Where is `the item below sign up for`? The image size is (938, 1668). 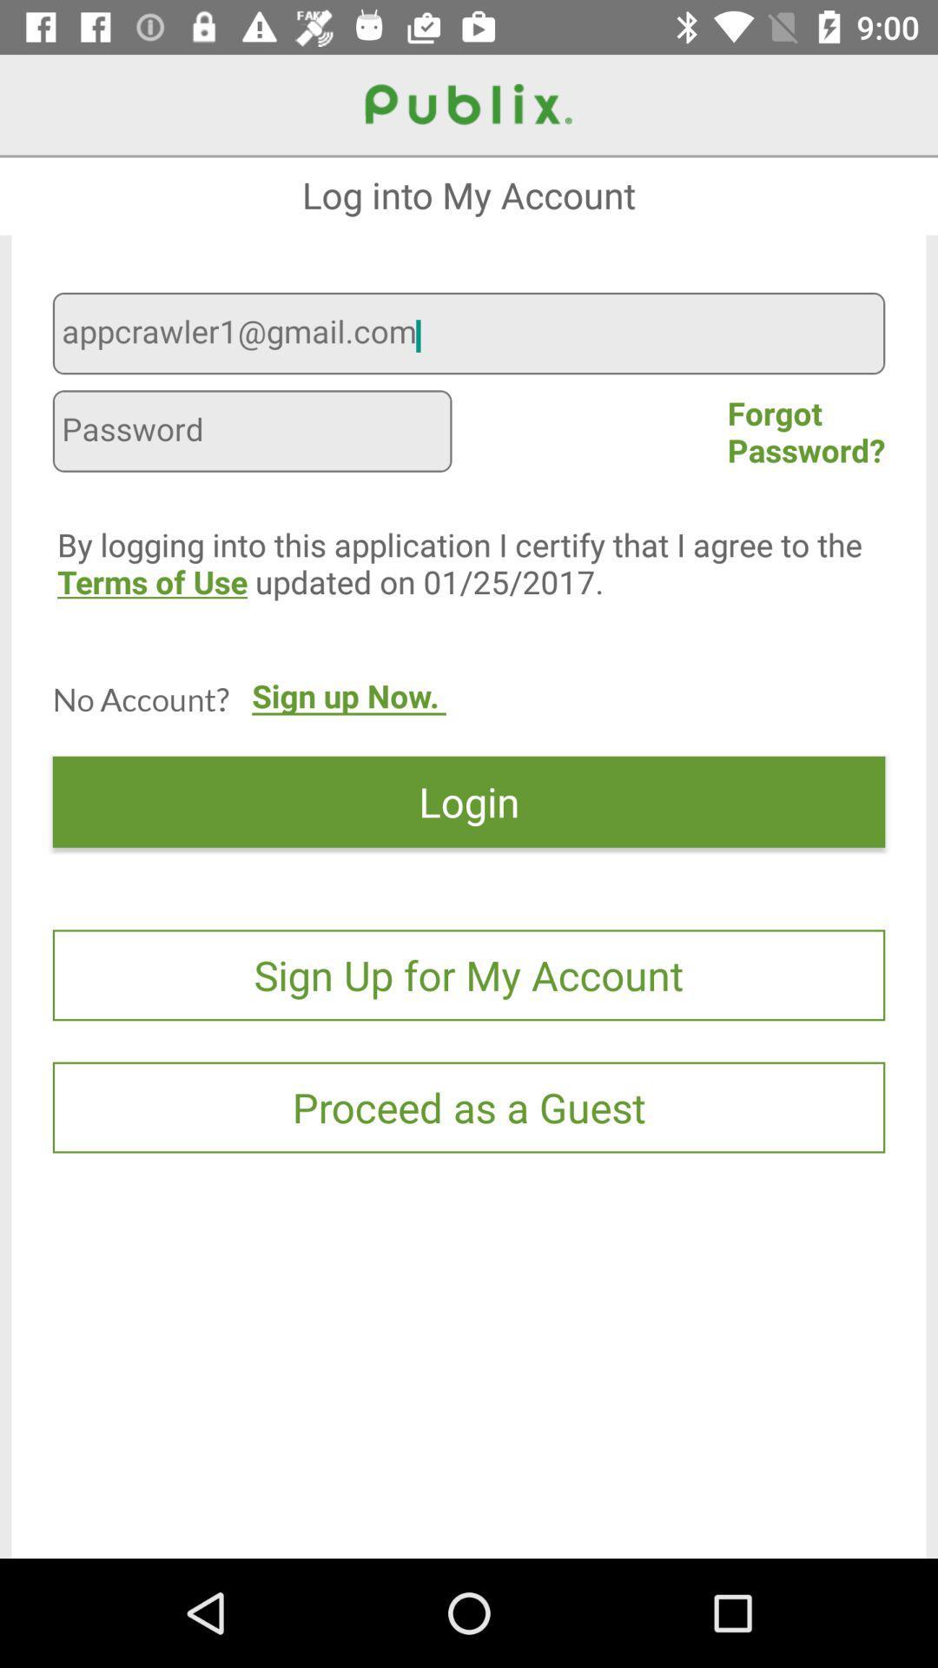
the item below sign up for is located at coordinates (469, 1107).